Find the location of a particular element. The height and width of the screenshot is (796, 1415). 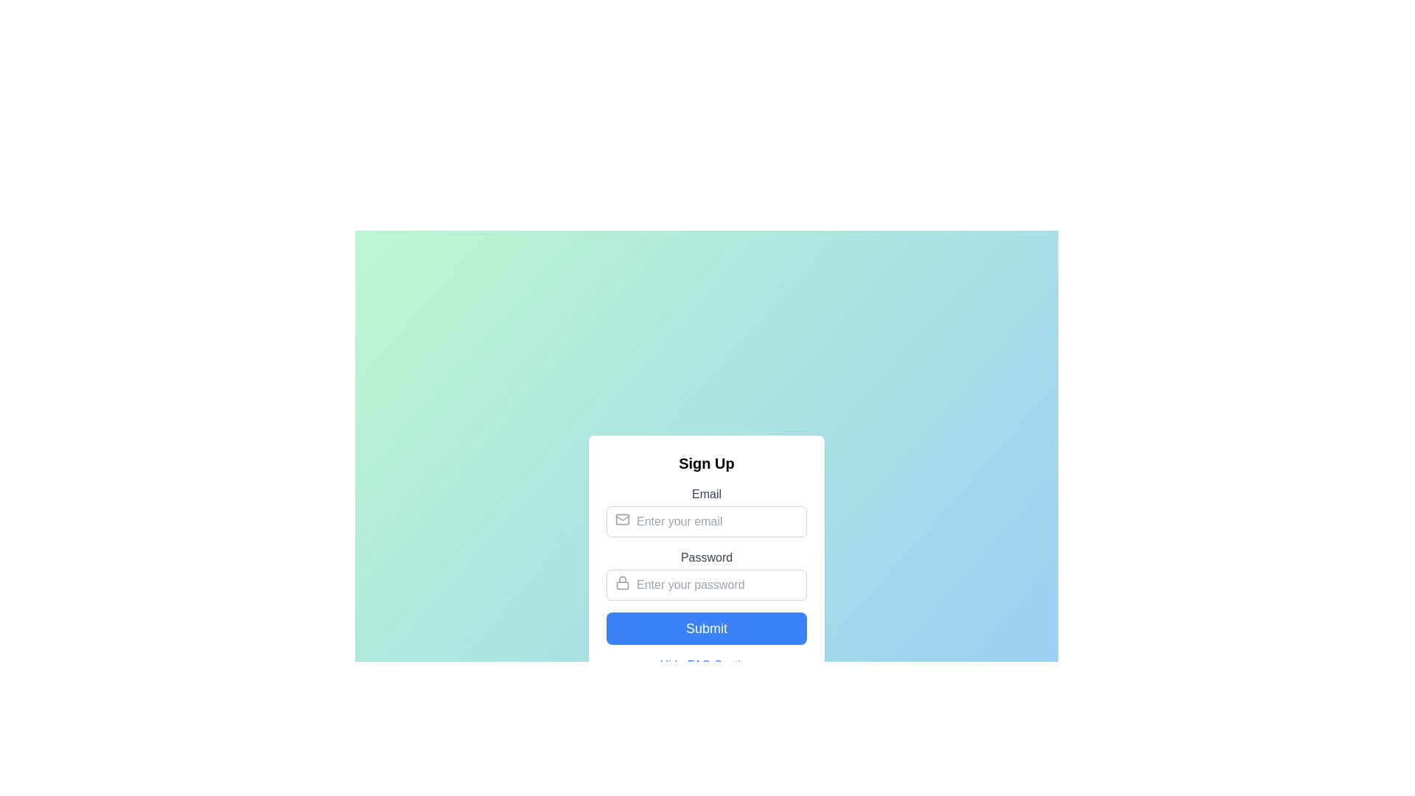

the decorative lock icon located inside the password input field, which visually indicates that the field is for entering a password is located at coordinates (622, 582).